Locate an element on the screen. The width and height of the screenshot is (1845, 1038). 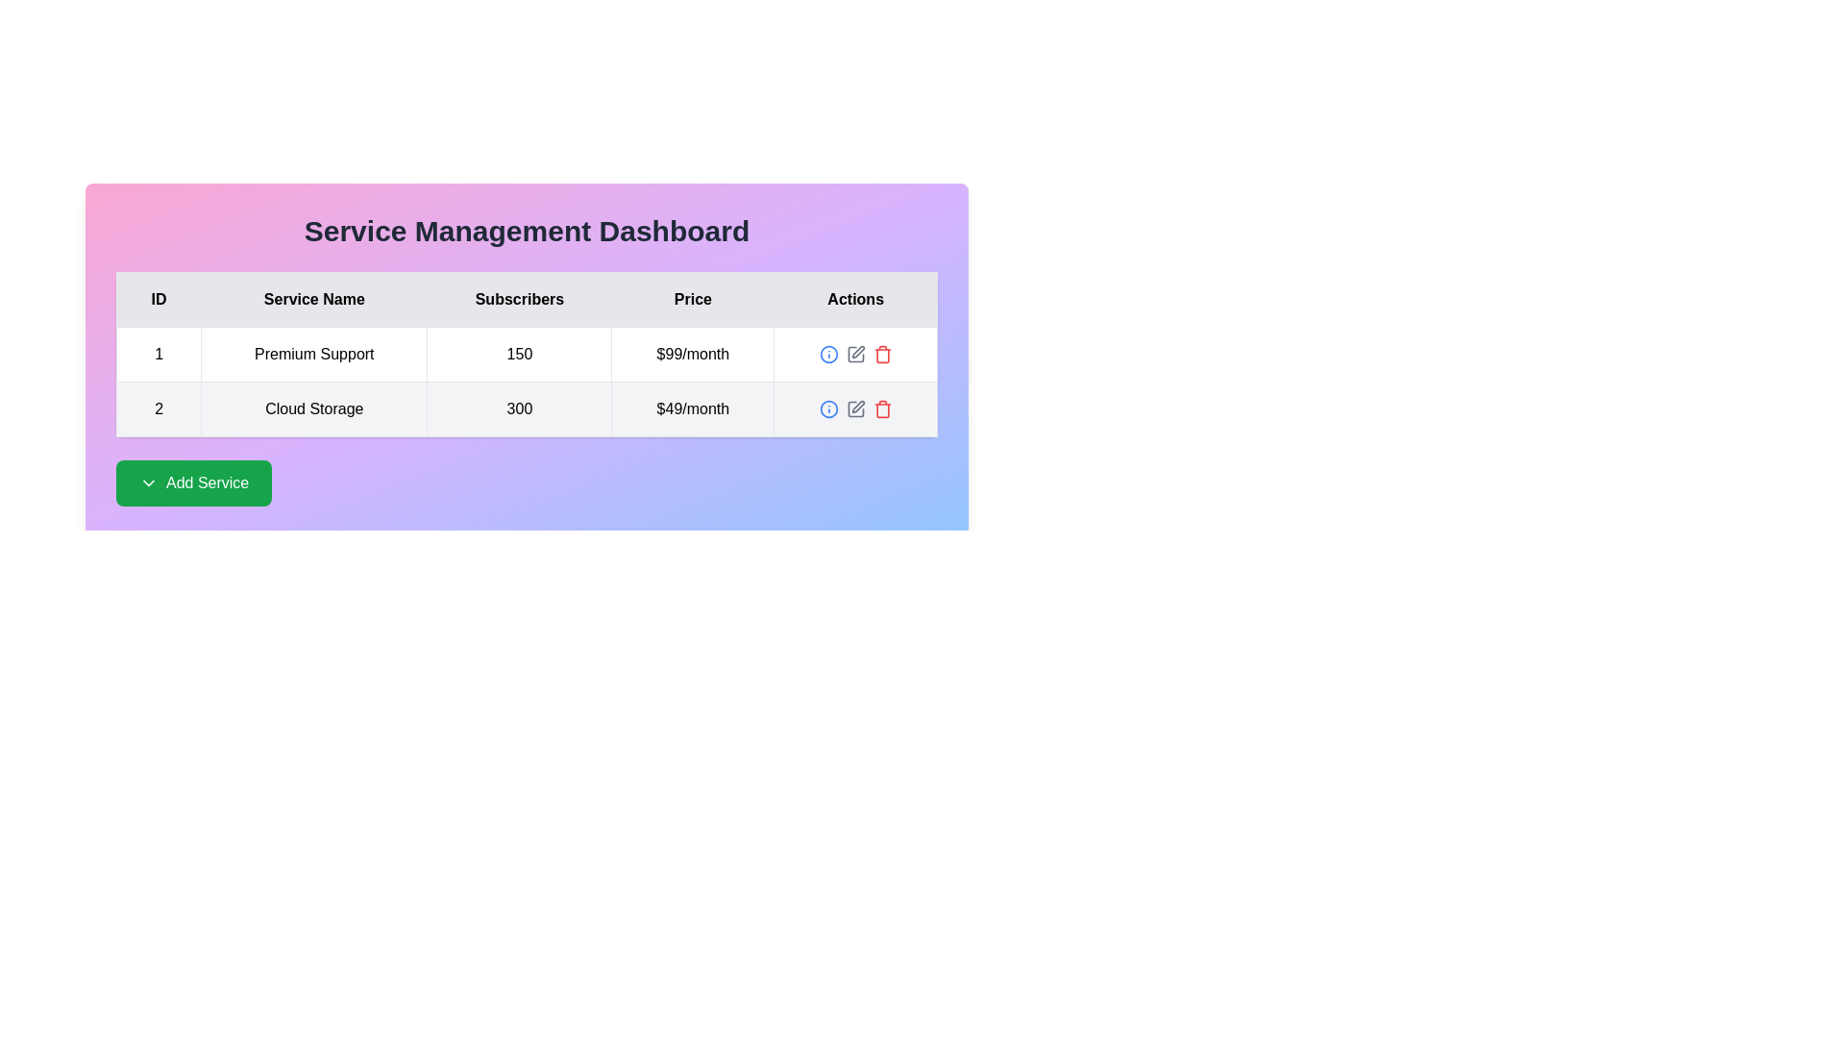
the first cell in the second row of the table, which contains the number '2', for selection is located at coordinates (159, 408).